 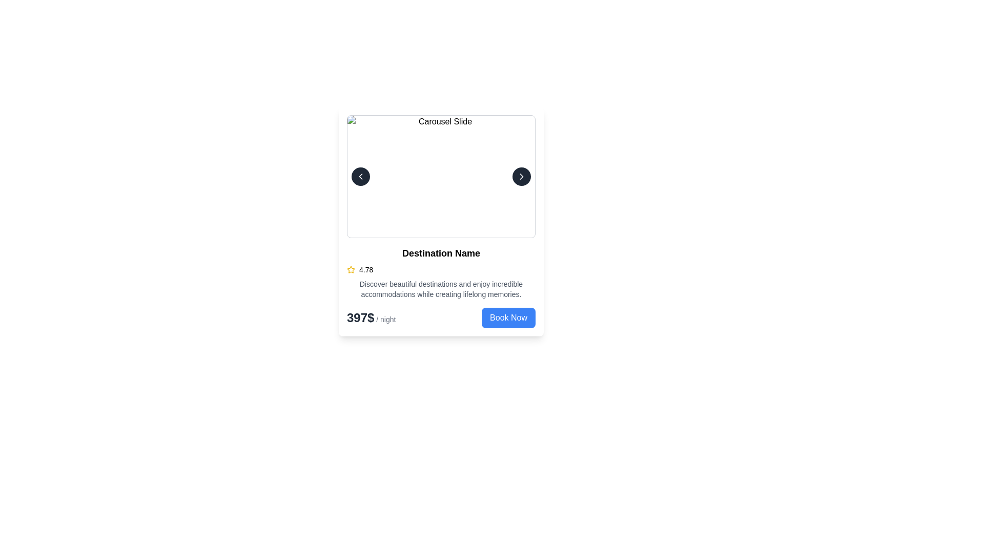 I want to click on the left navigation icon in the carousel, so click(x=361, y=176).